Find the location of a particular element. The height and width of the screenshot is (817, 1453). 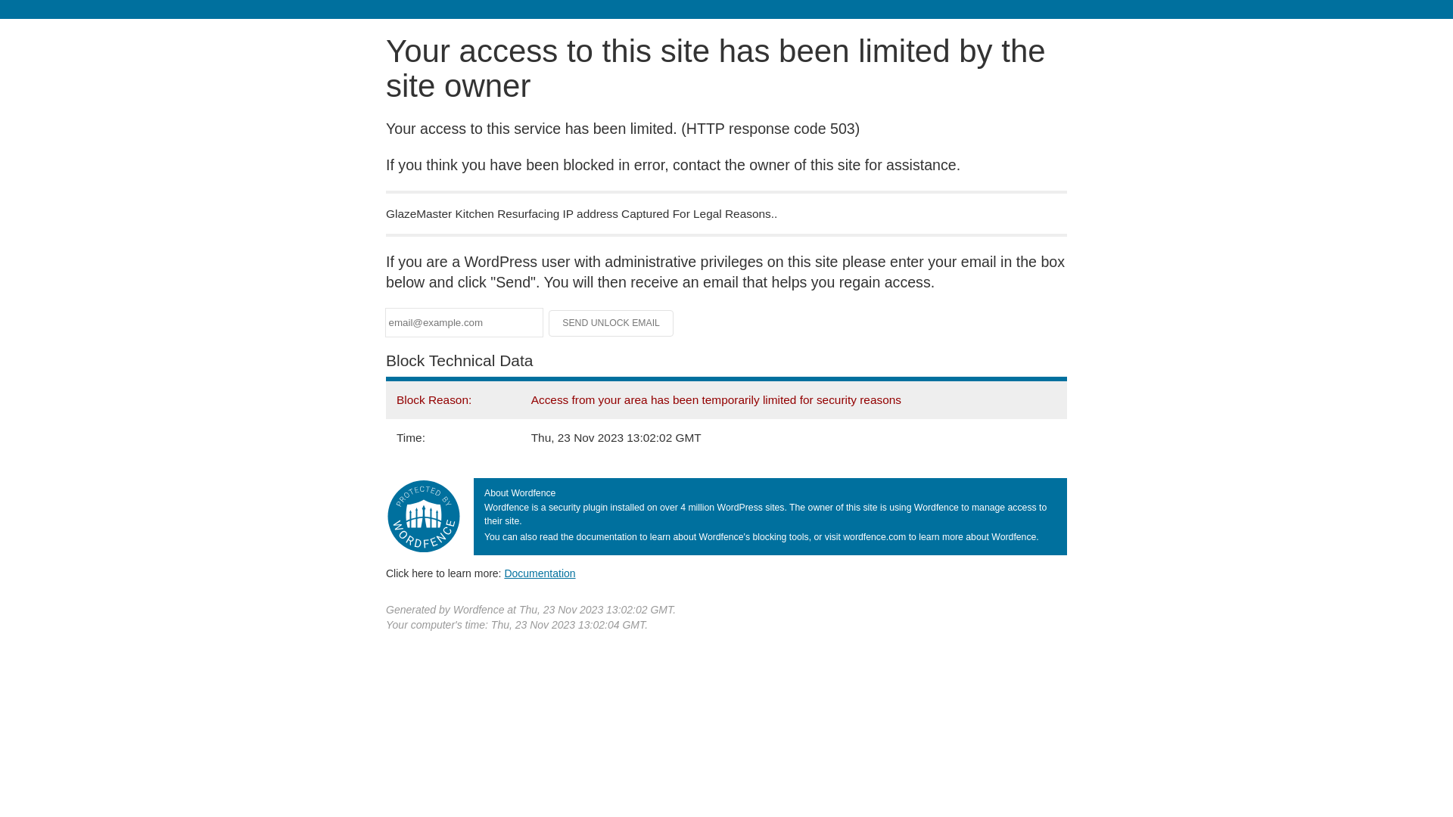

'Send Unlock Email' is located at coordinates (611, 322).